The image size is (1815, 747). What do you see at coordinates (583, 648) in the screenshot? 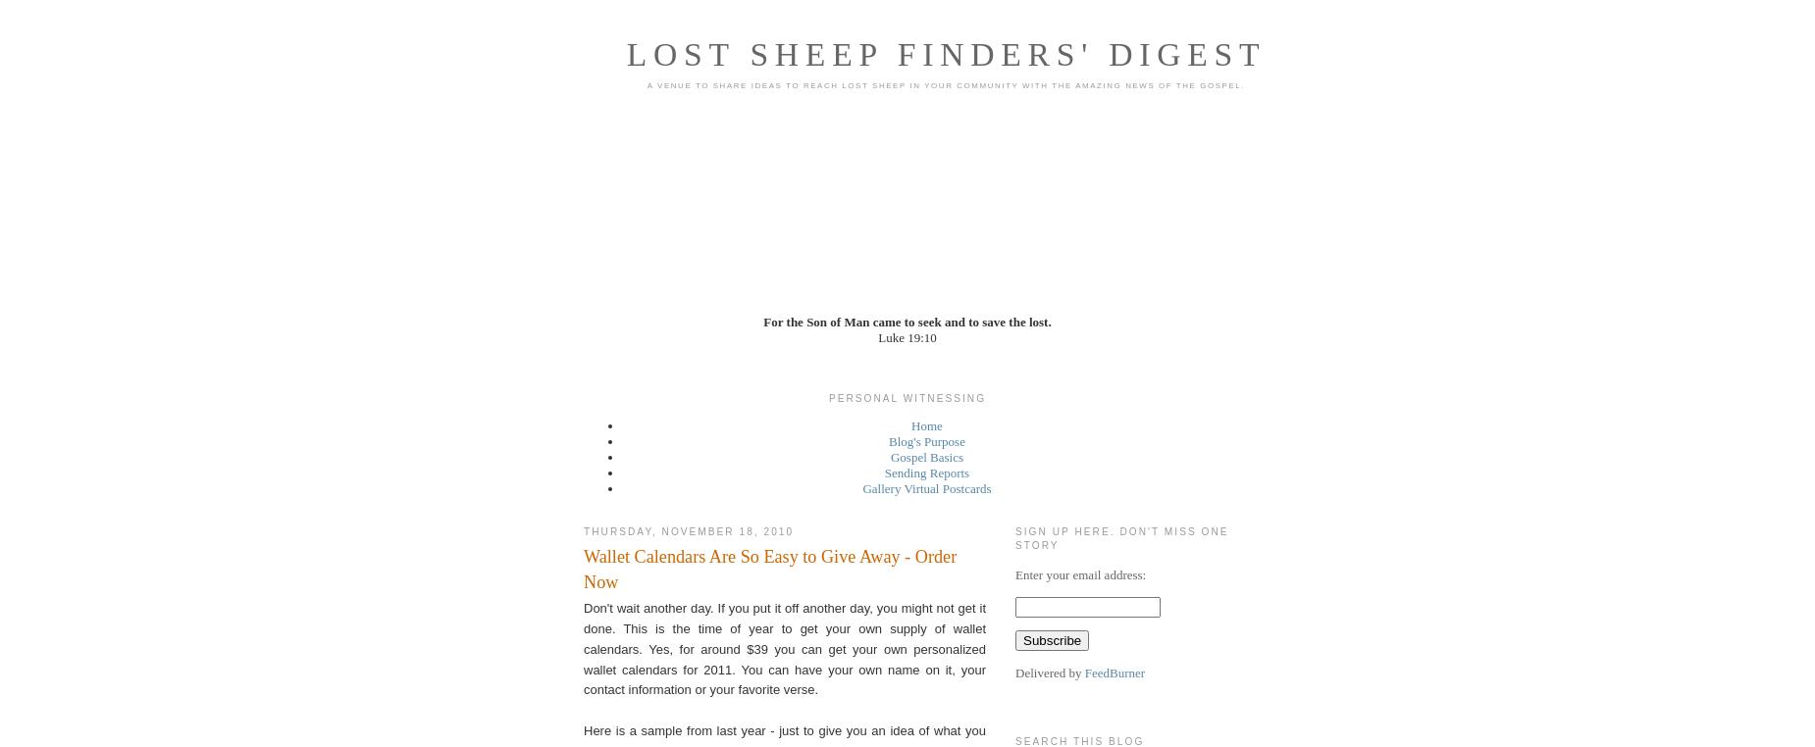
I see `'Don't wait another day. If you put it off another day, you might not get it done. This is the time of year to get your own supply of wallet calendars. Yes, for around $39 you can get your own personalized wallet calendars for 2011. You can have your own name on it, your contact information or your favorite verse.'` at bounding box center [583, 648].